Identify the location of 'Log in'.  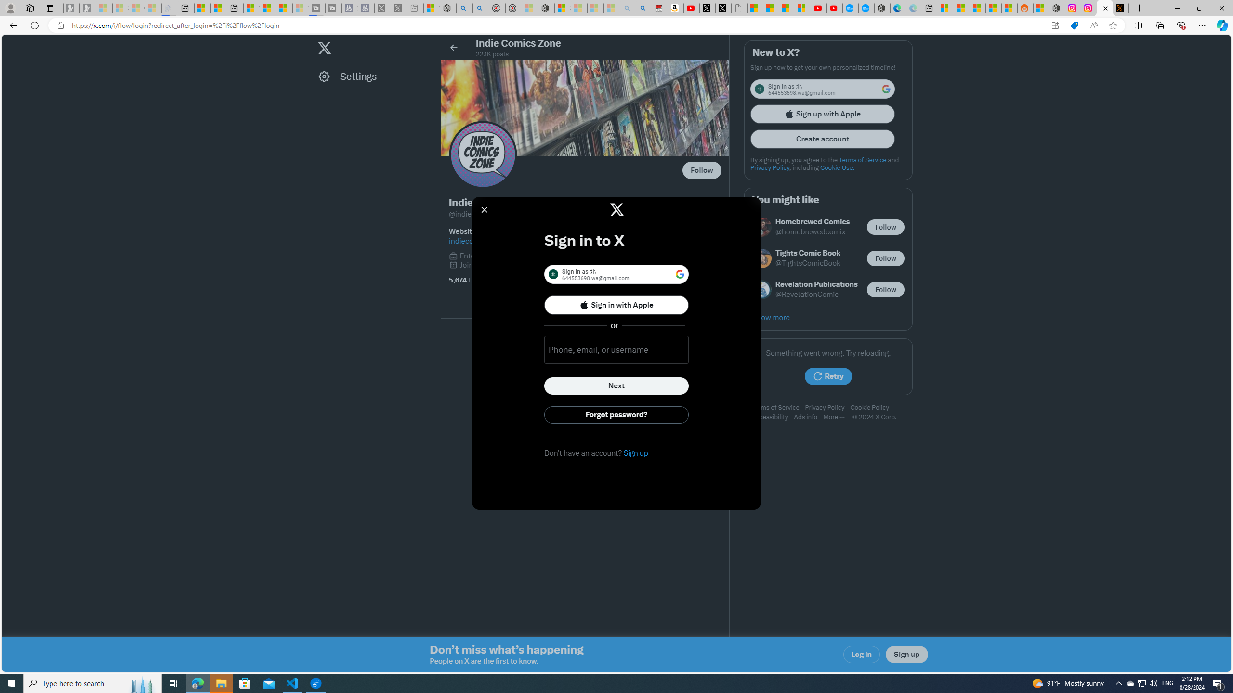
(862, 654).